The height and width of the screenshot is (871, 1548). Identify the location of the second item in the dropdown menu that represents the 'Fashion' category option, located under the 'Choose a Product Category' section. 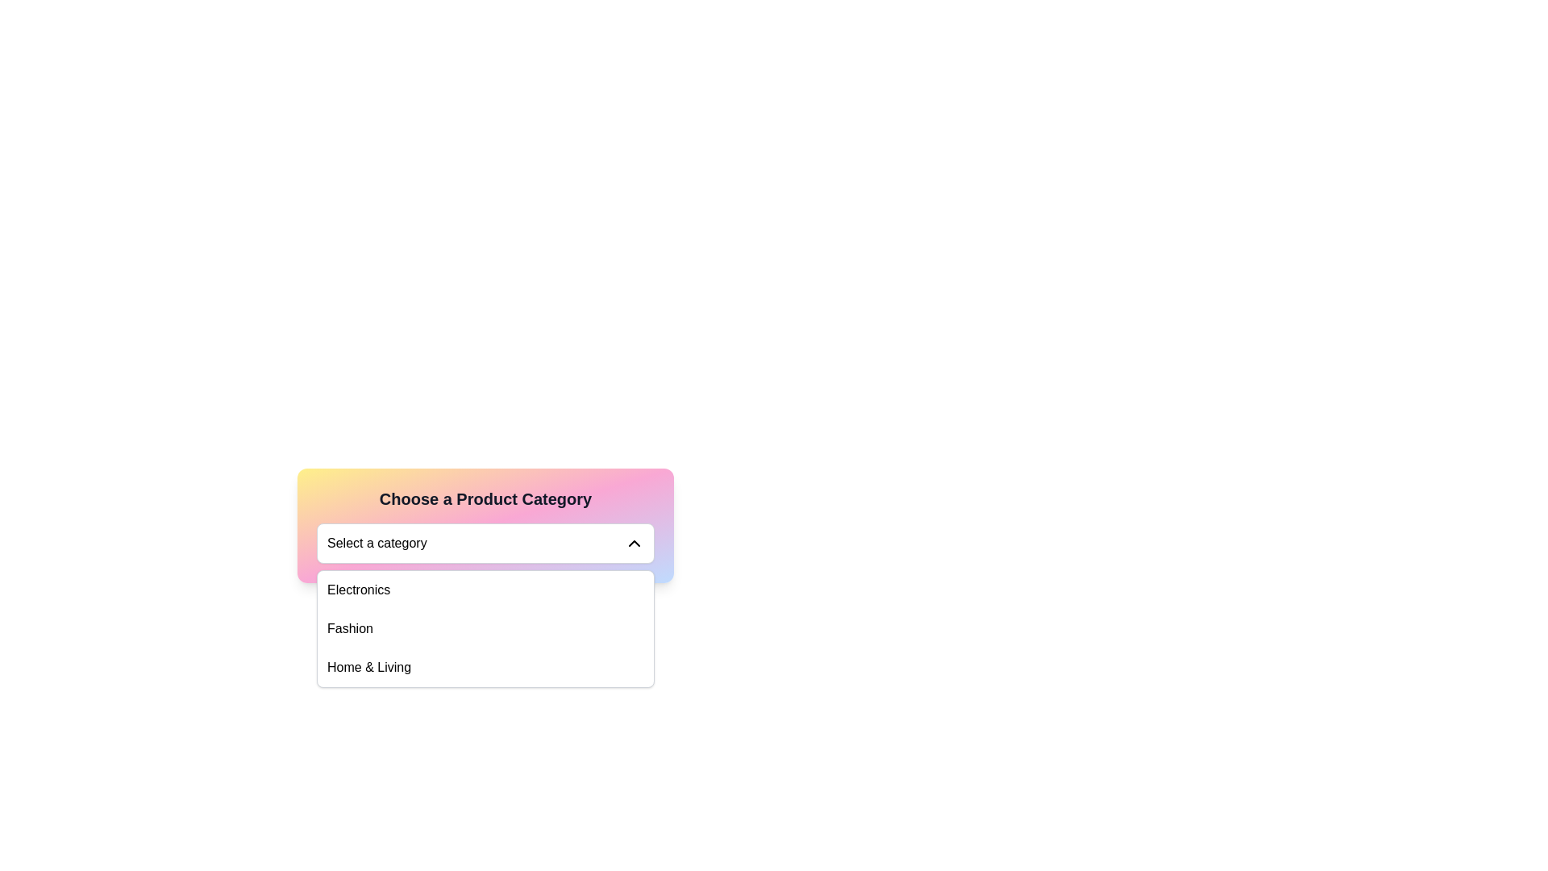
(349, 627).